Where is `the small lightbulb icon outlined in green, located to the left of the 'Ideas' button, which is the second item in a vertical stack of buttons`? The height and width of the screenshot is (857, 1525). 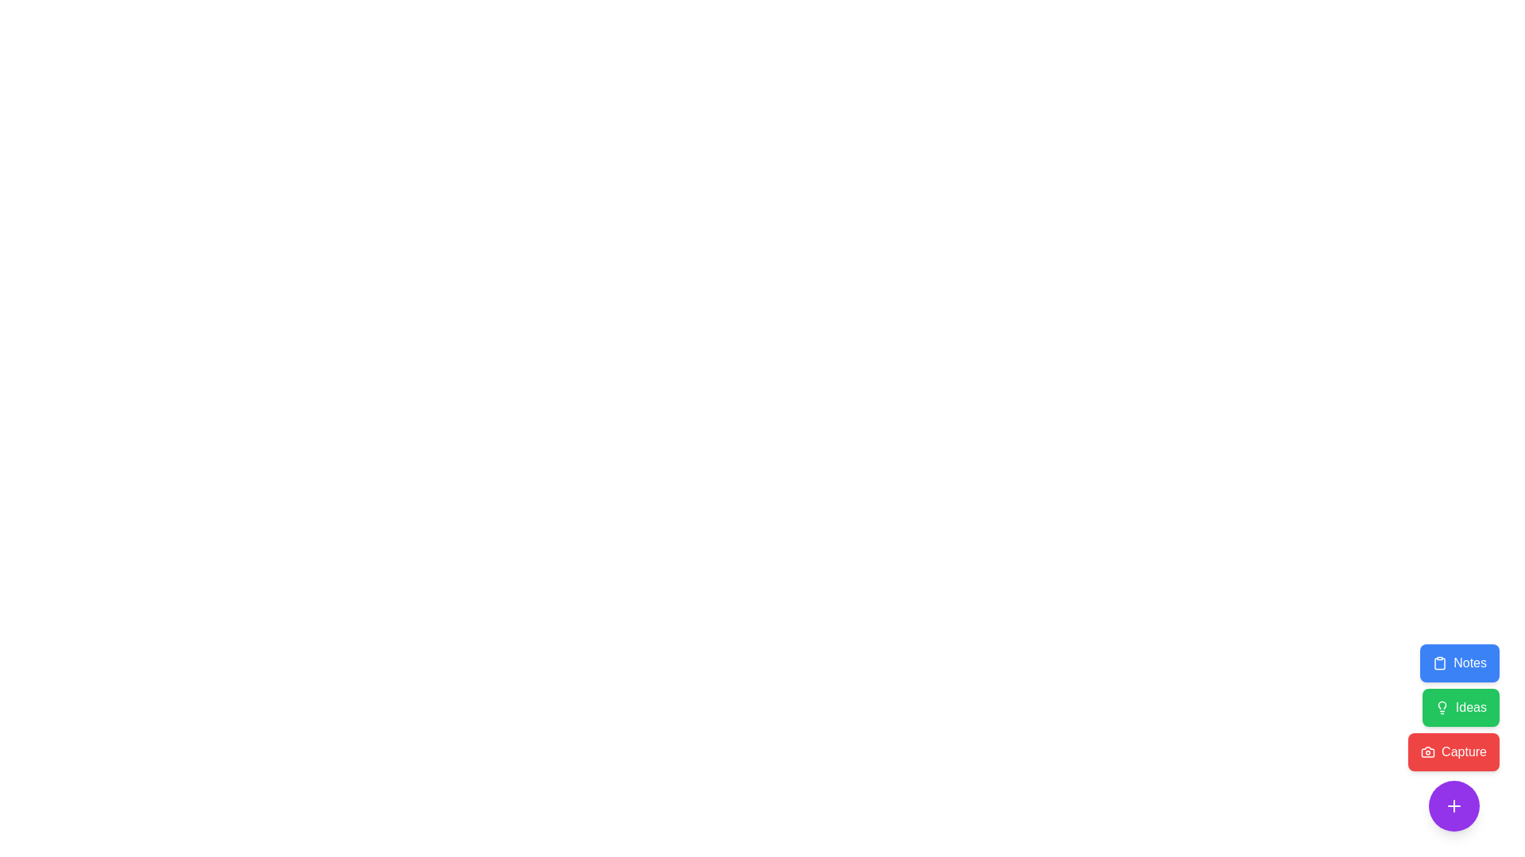 the small lightbulb icon outlined in green, located to the left of the 'Ideas' button, which is the second item in a vertical stack of buttons is located at coordinates (1442, 706).